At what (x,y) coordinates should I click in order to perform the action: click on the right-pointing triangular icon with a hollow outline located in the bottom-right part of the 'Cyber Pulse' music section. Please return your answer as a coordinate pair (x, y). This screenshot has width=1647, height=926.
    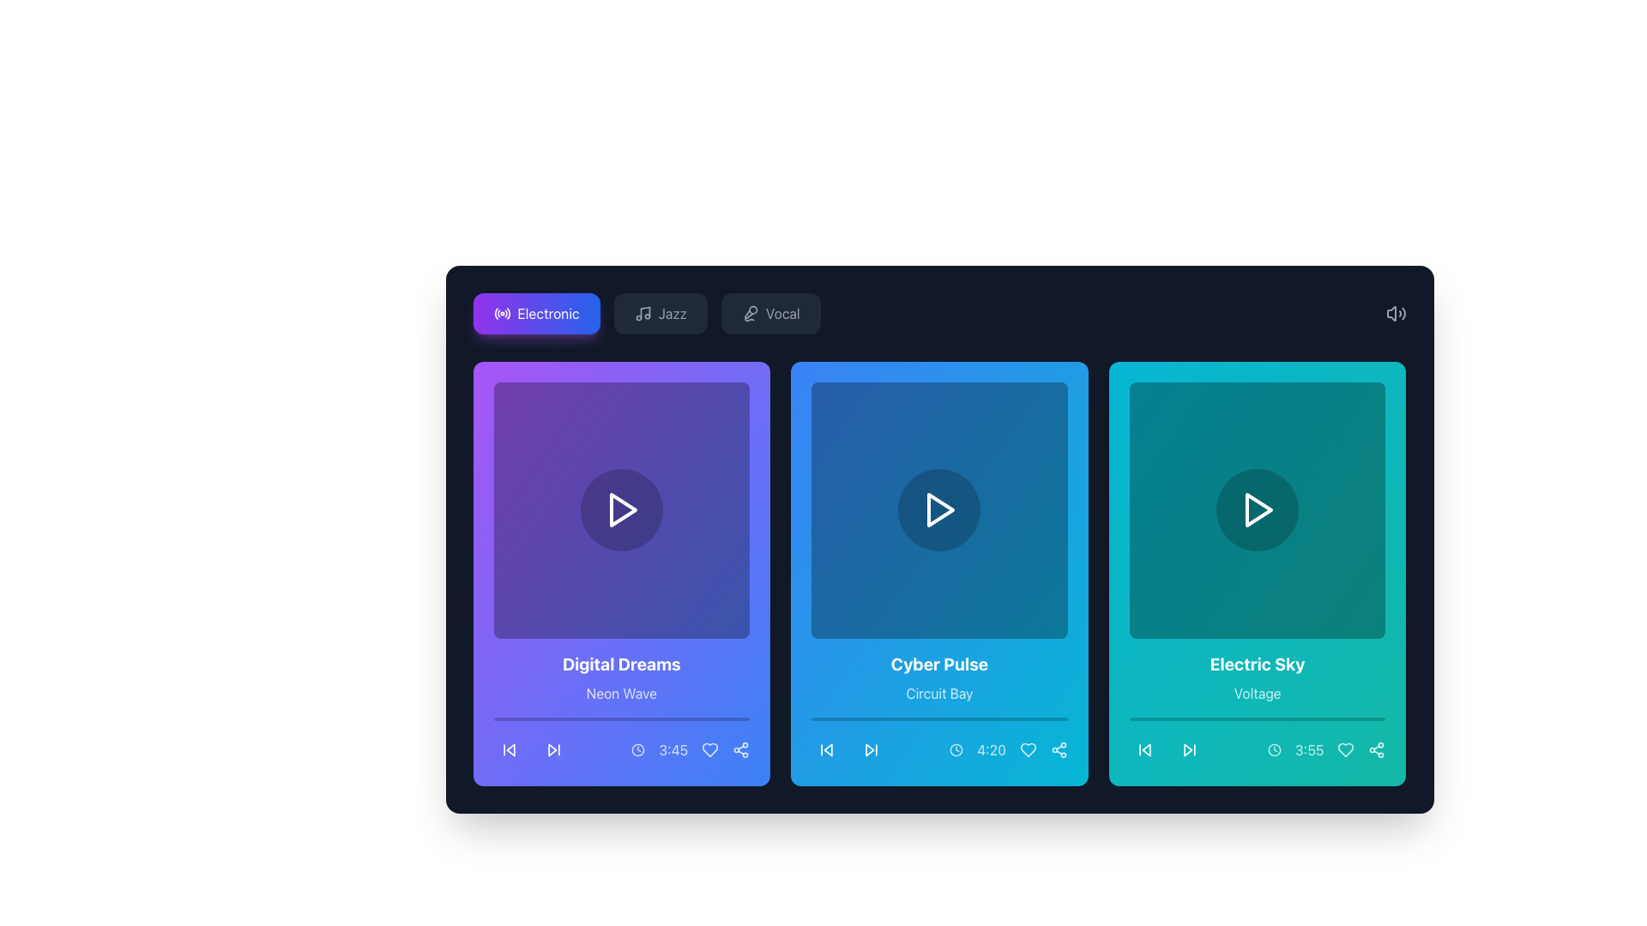
    Looking at the image, I should click on (870, 749).